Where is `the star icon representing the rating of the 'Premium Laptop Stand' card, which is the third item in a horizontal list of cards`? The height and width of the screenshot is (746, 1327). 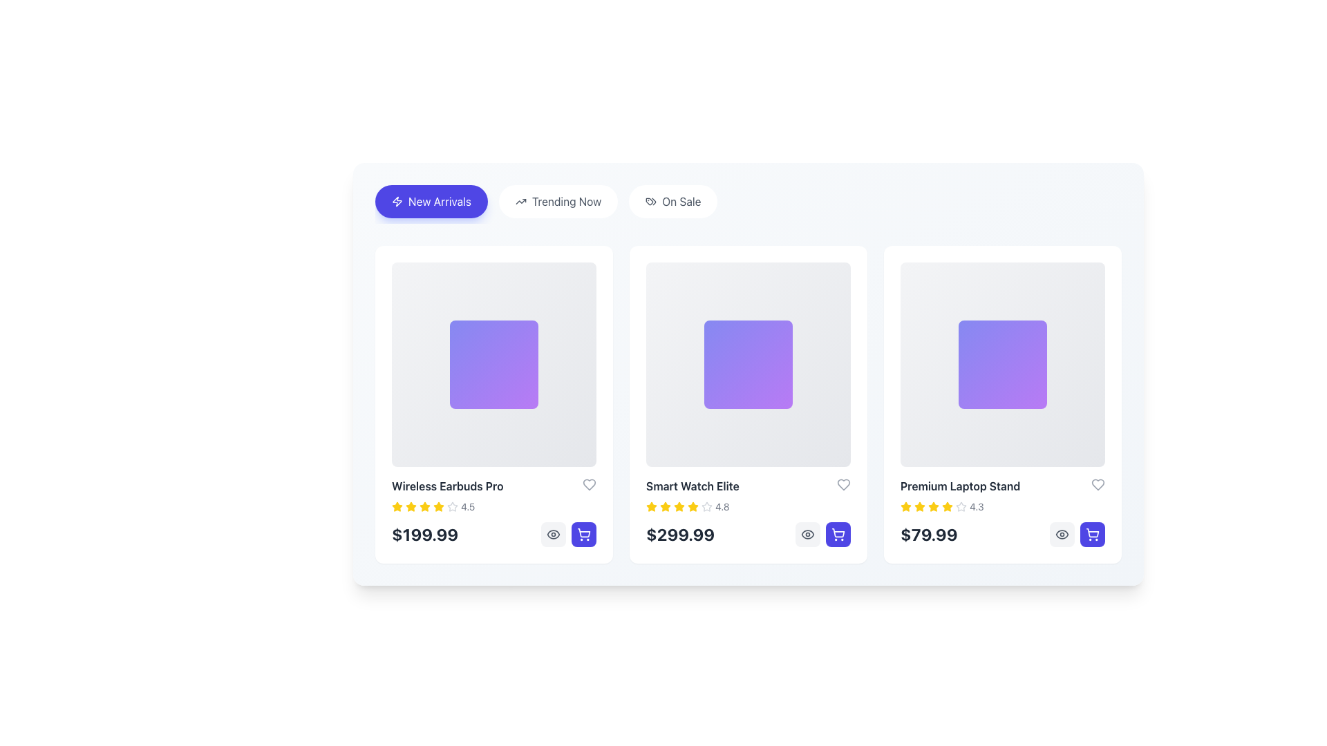 the star icon representing the rating of the 'Premium Laptop Stand' card, which is the third item in a horizontal list of cards is located at coordinates (947, 506).